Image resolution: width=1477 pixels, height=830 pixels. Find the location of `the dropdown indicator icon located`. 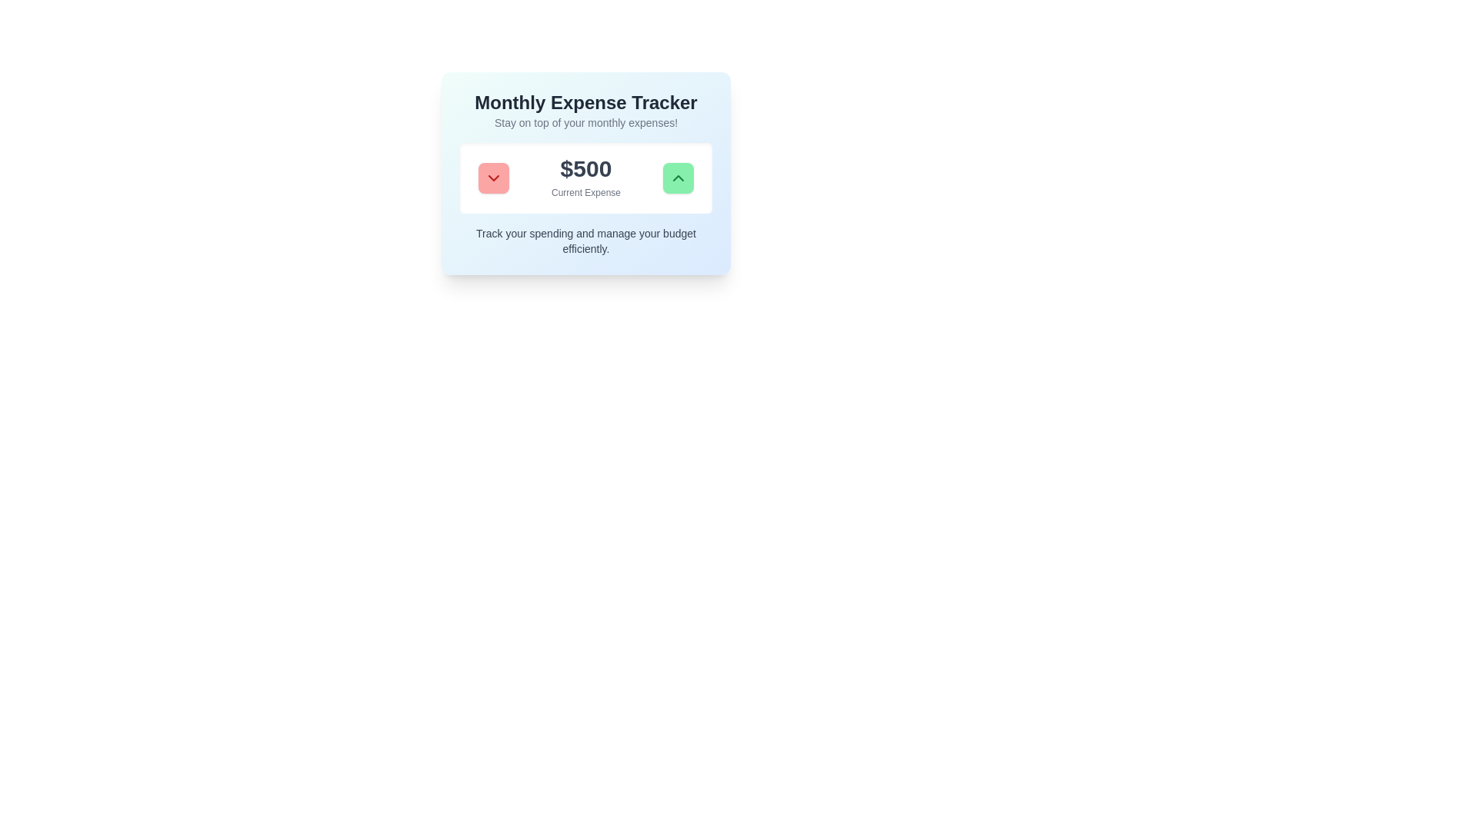

the dropdown indicator icon located is located at coordinates (494, 177).